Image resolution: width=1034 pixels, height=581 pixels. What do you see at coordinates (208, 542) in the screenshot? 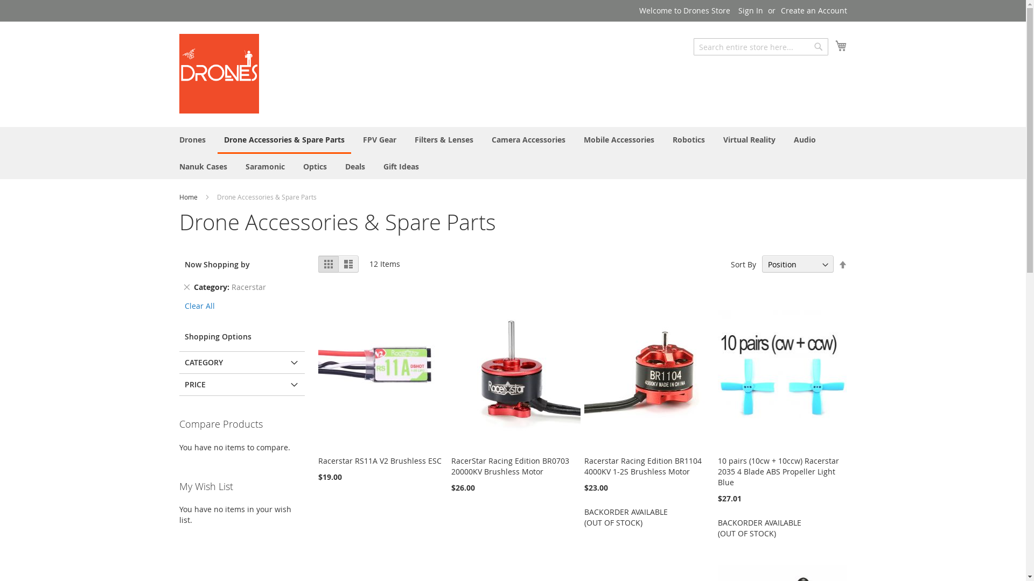
I see `'Add to Cart'` at bounding box center [208, 542].